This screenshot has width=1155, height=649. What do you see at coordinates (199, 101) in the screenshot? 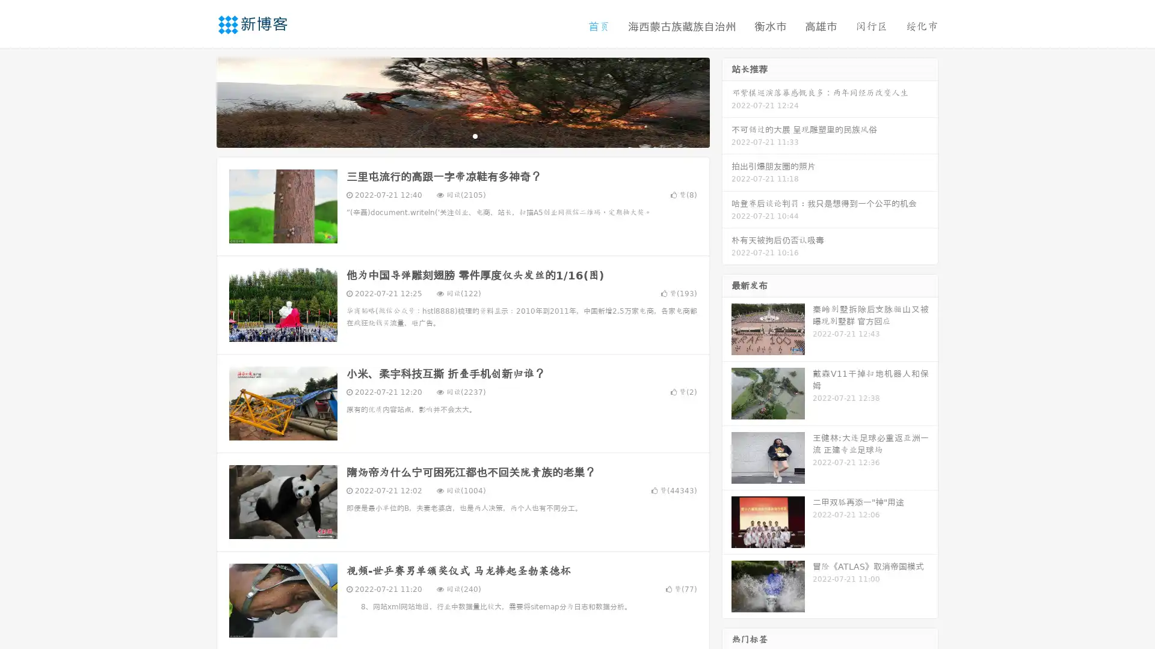
I see `Previous slide` at bounding box center [199, 101].